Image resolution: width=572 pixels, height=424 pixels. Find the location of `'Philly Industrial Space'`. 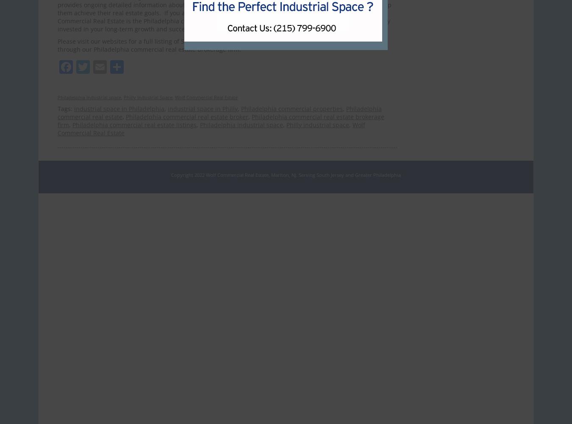

'Philly Industrial Space' is located at coordinates (148, 97).